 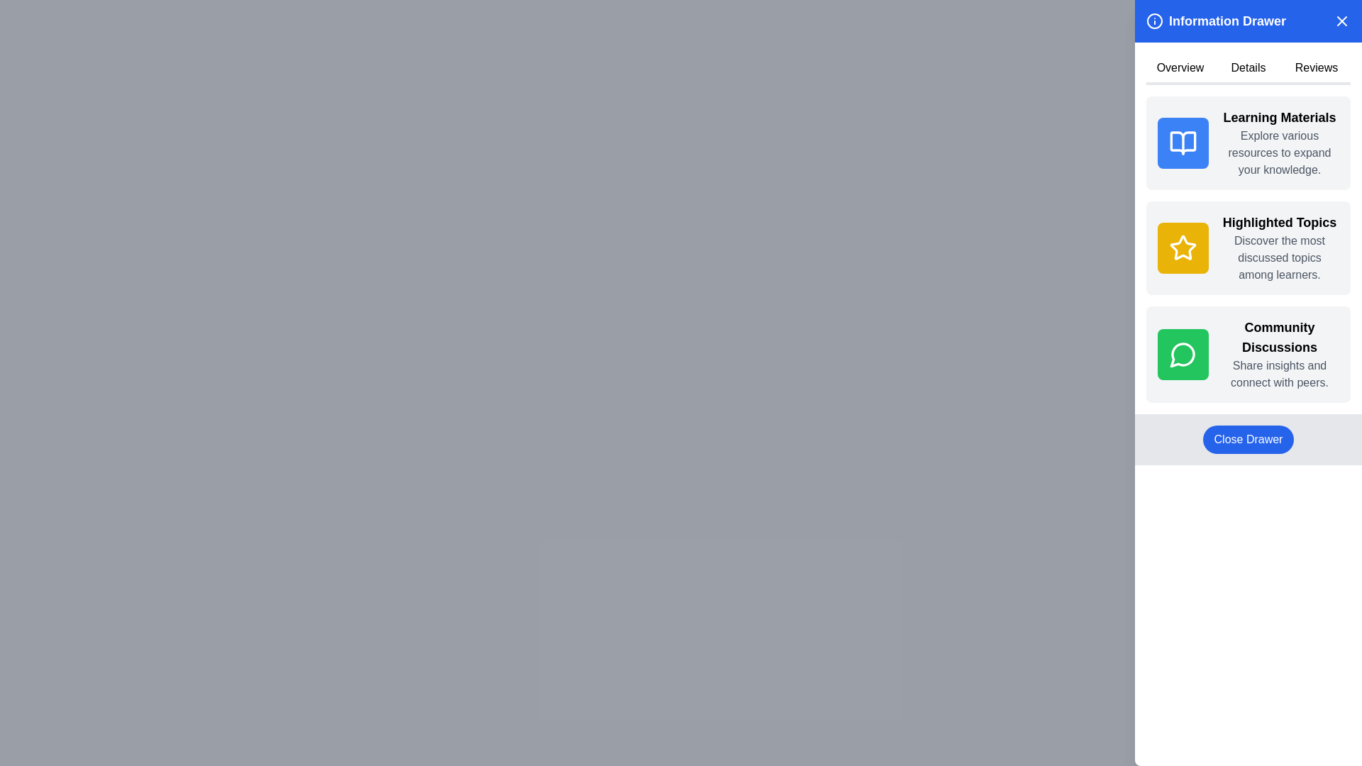 I want to click on the text label that reads 'Discover the most discussed topics among learners.' for accessibility purposes, so click(x=1280, y=257).